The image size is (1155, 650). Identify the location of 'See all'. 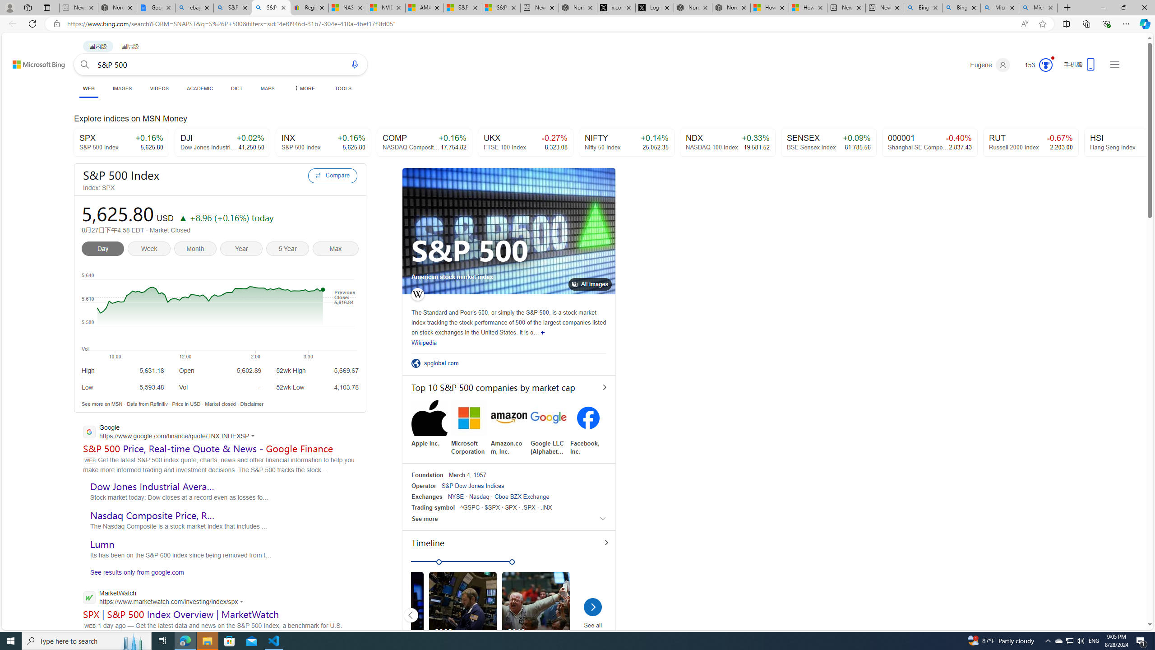
(592, 609).